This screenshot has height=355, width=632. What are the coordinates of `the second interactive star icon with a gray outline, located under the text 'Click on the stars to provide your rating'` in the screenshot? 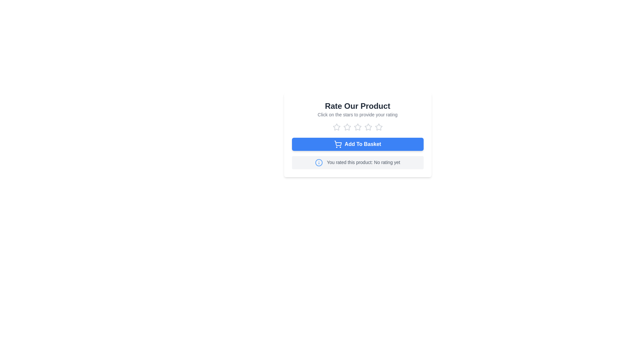 It's located at (347, 127).